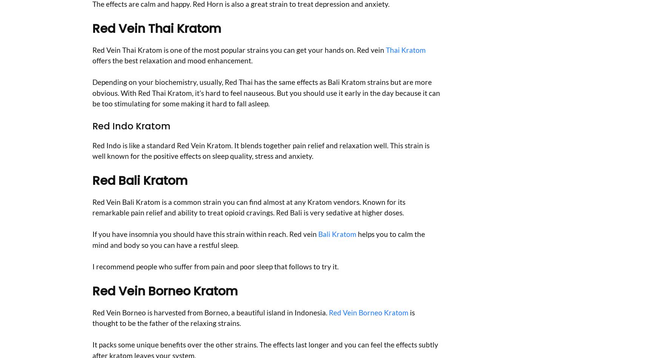  I want to click on 'Red Indo is like a standard Red Vein Kratom. It blends together pain relief and relaxation well. This strain is well known for the positive effects on sleep quality, stress and anxiety.', so click(261, 150).